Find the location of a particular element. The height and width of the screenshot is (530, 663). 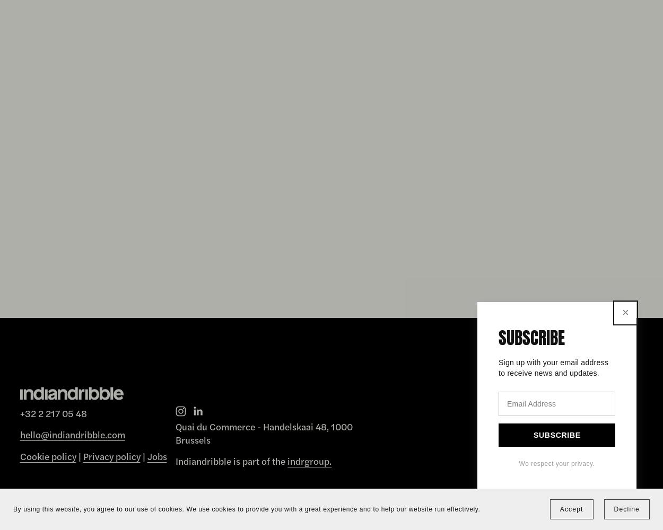

'By using this website, you agree to our use of cookies. We use cookies to provide you with a great experience and to help our website run effectively.' is located at coordinates (13, 509).